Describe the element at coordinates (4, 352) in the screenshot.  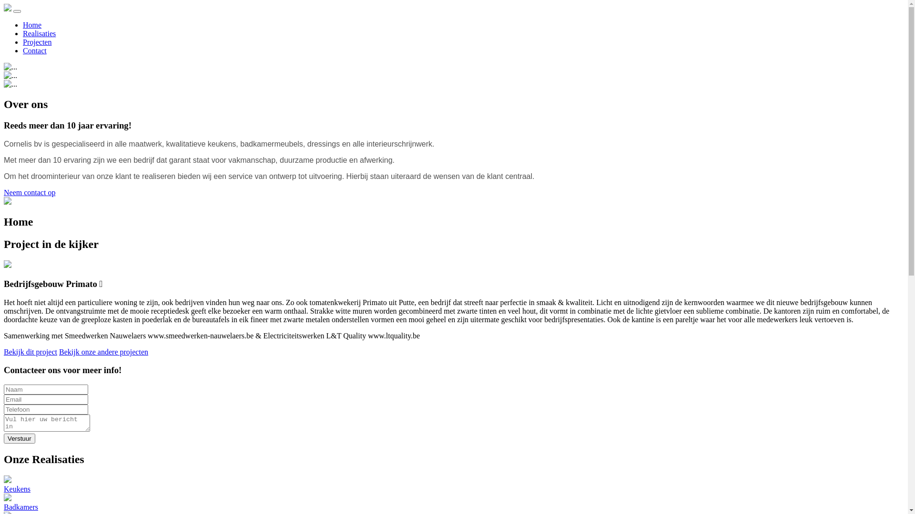
I see `'Bekijk dit project'` at that location.